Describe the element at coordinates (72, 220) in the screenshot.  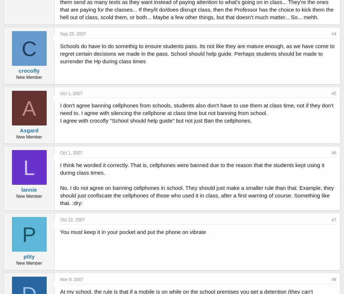
I see `'Oct 22, 2007'` at that location.